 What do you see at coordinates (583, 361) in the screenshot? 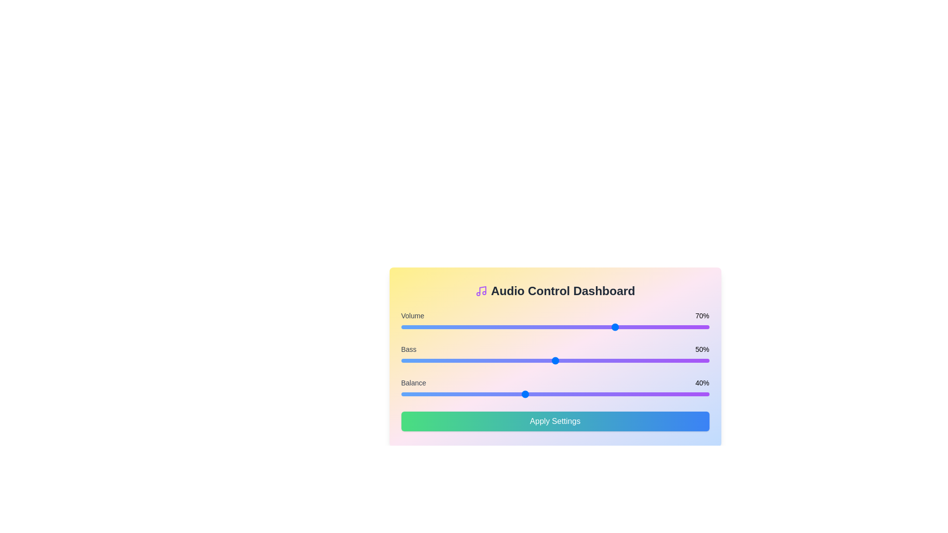
I see `bass` at bounding box center [583, 361].